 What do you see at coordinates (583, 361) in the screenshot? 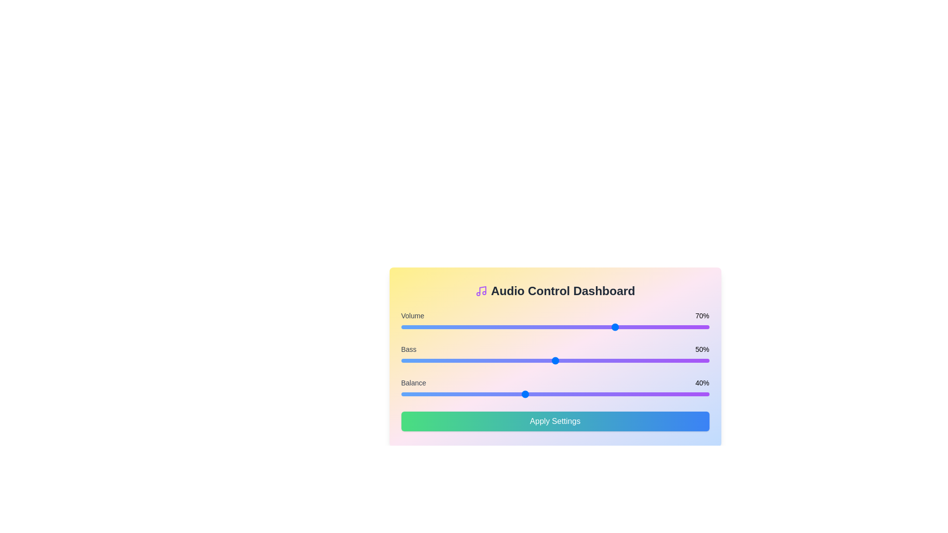
I see `bass` at bounding box center [583, 361].